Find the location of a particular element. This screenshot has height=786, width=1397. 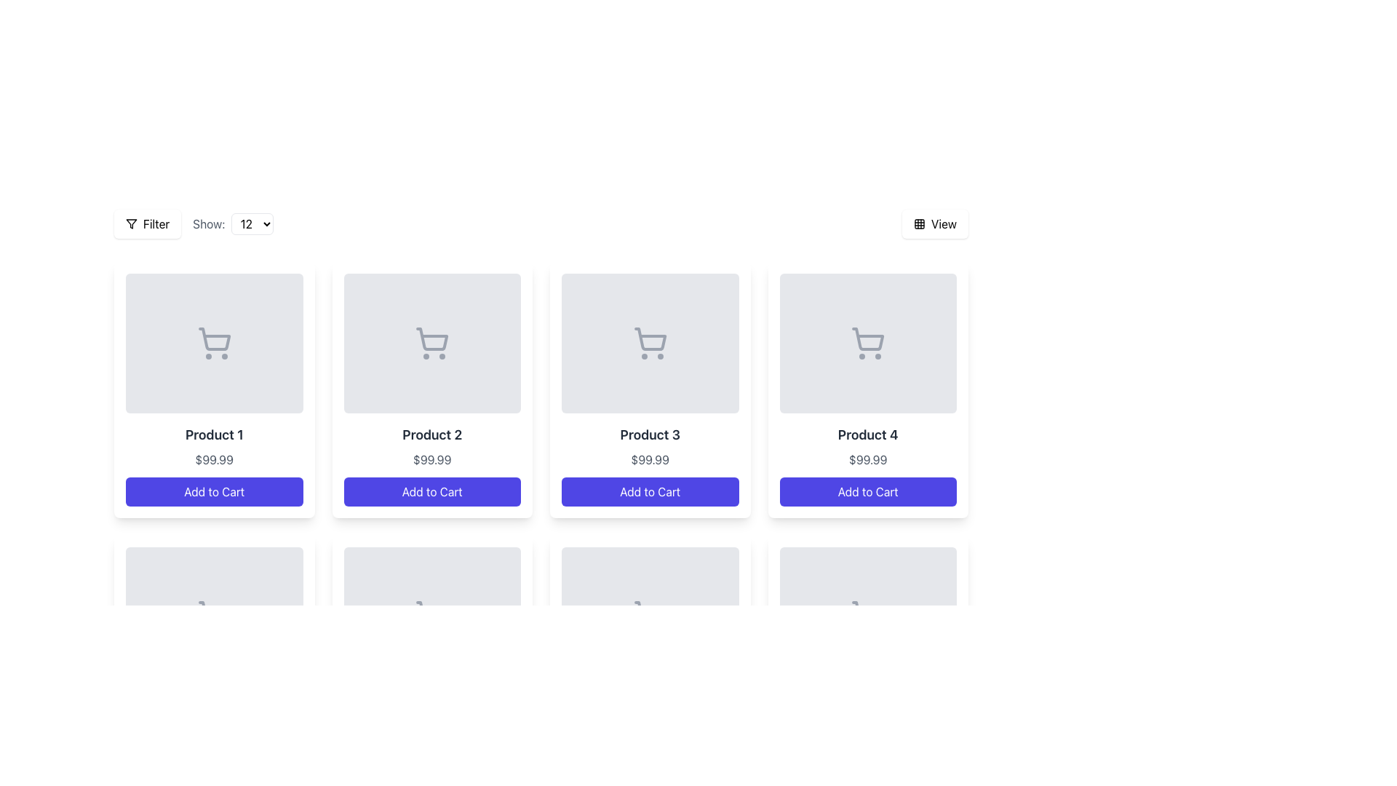

the filtering icon located to the left of the 'Filter' button is located at coordinates (132, 224).